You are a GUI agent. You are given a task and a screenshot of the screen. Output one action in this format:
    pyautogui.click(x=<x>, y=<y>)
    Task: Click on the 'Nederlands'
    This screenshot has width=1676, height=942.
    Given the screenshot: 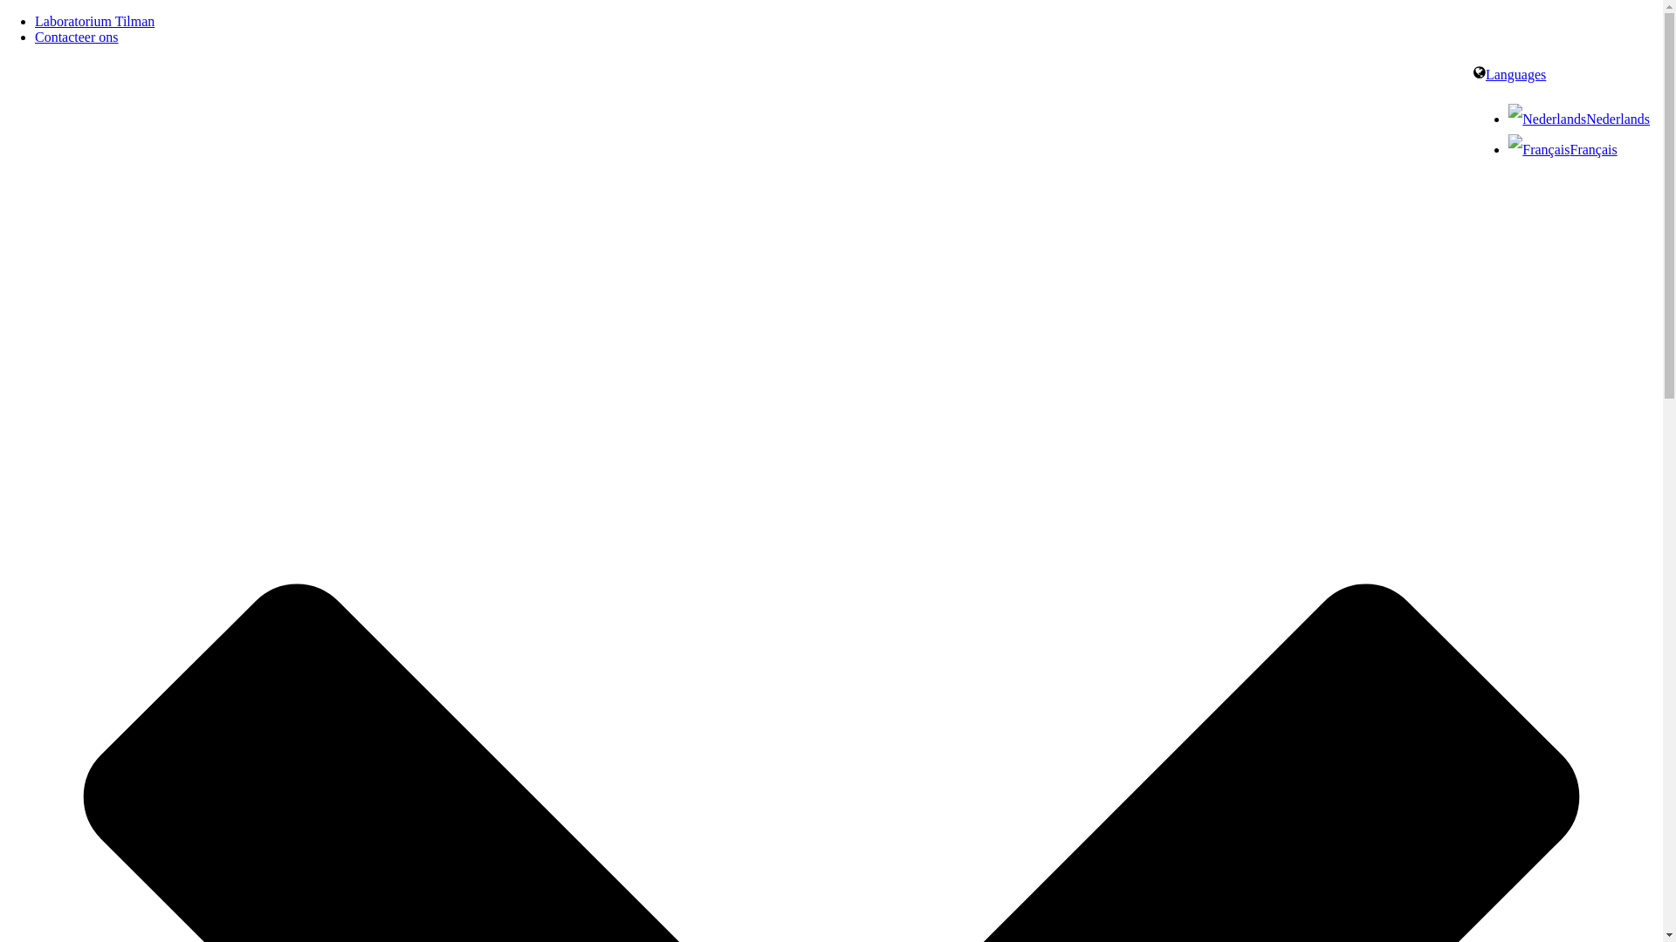 What is the action you would take?
    pyautogui.click(x=1547, y=118)
    